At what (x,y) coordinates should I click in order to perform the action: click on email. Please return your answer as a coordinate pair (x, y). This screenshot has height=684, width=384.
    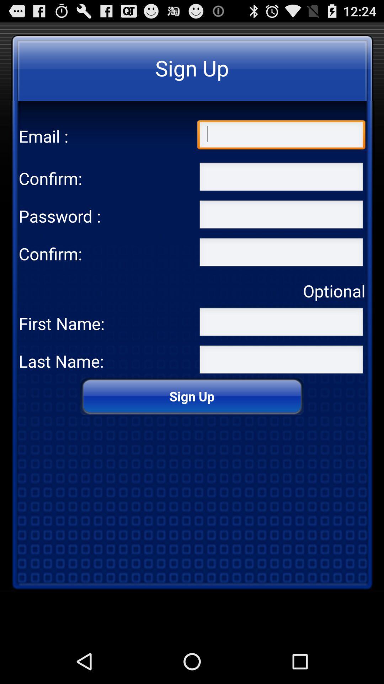
    Looking at the image, I should click on (281, 136).